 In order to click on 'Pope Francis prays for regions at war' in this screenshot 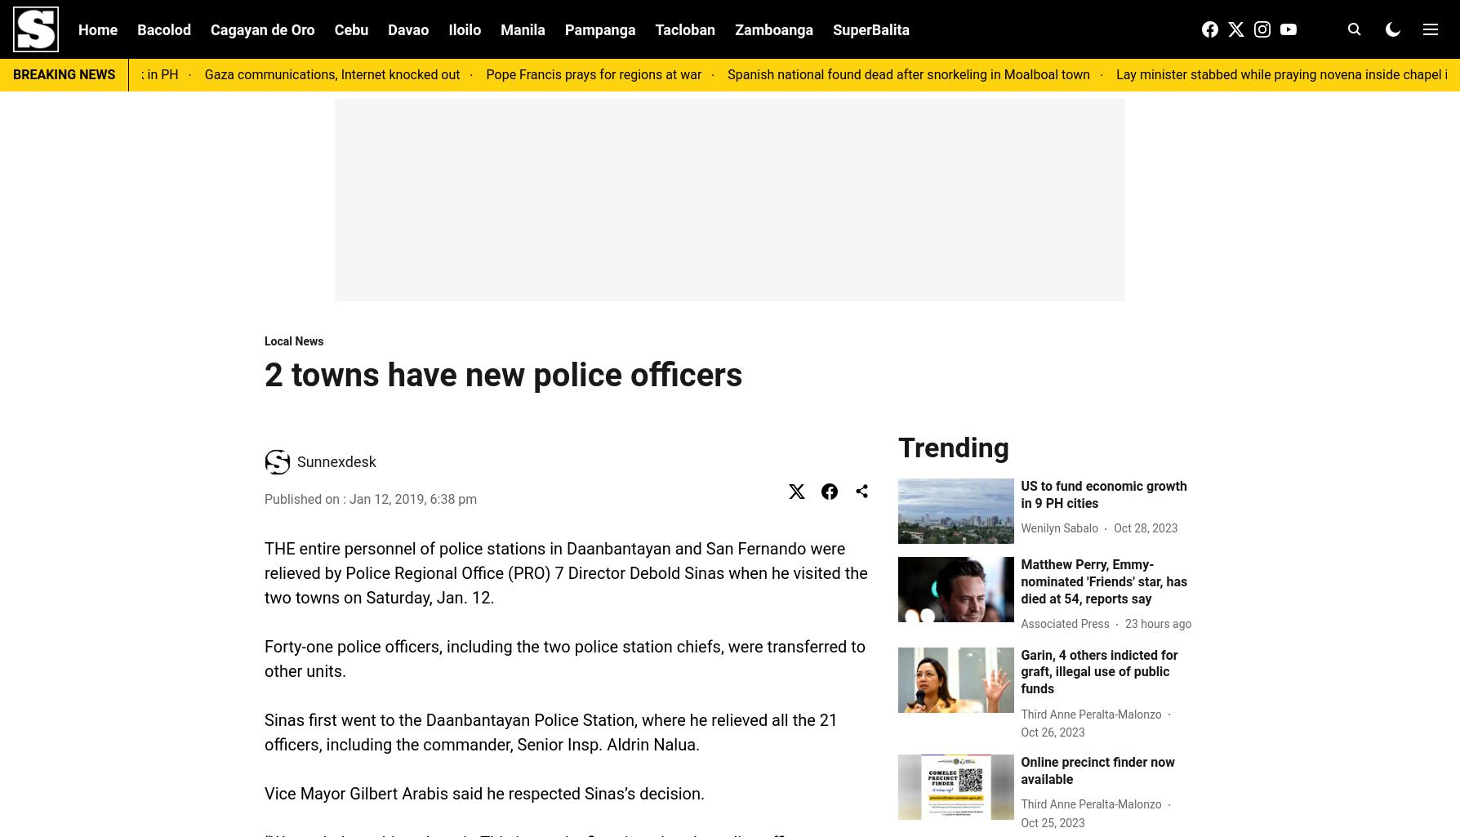, I will do `click(584, 73)`.